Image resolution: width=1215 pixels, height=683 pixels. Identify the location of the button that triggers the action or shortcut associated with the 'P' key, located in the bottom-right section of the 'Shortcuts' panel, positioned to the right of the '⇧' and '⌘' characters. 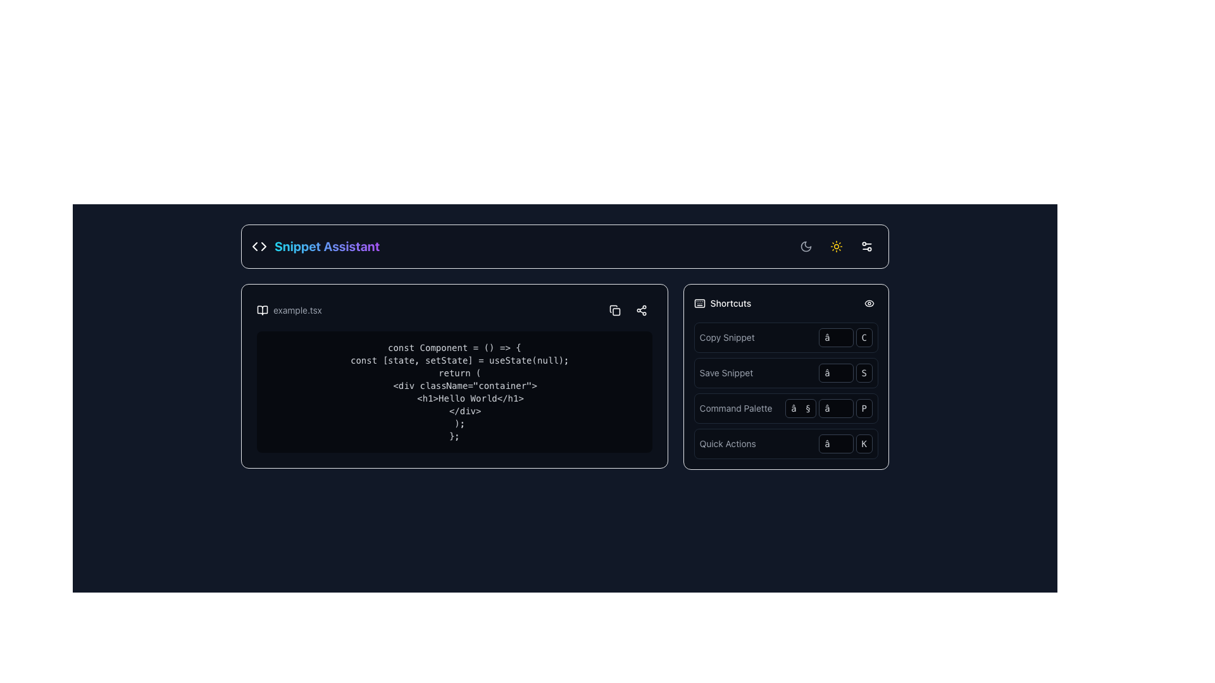
(863, 408).